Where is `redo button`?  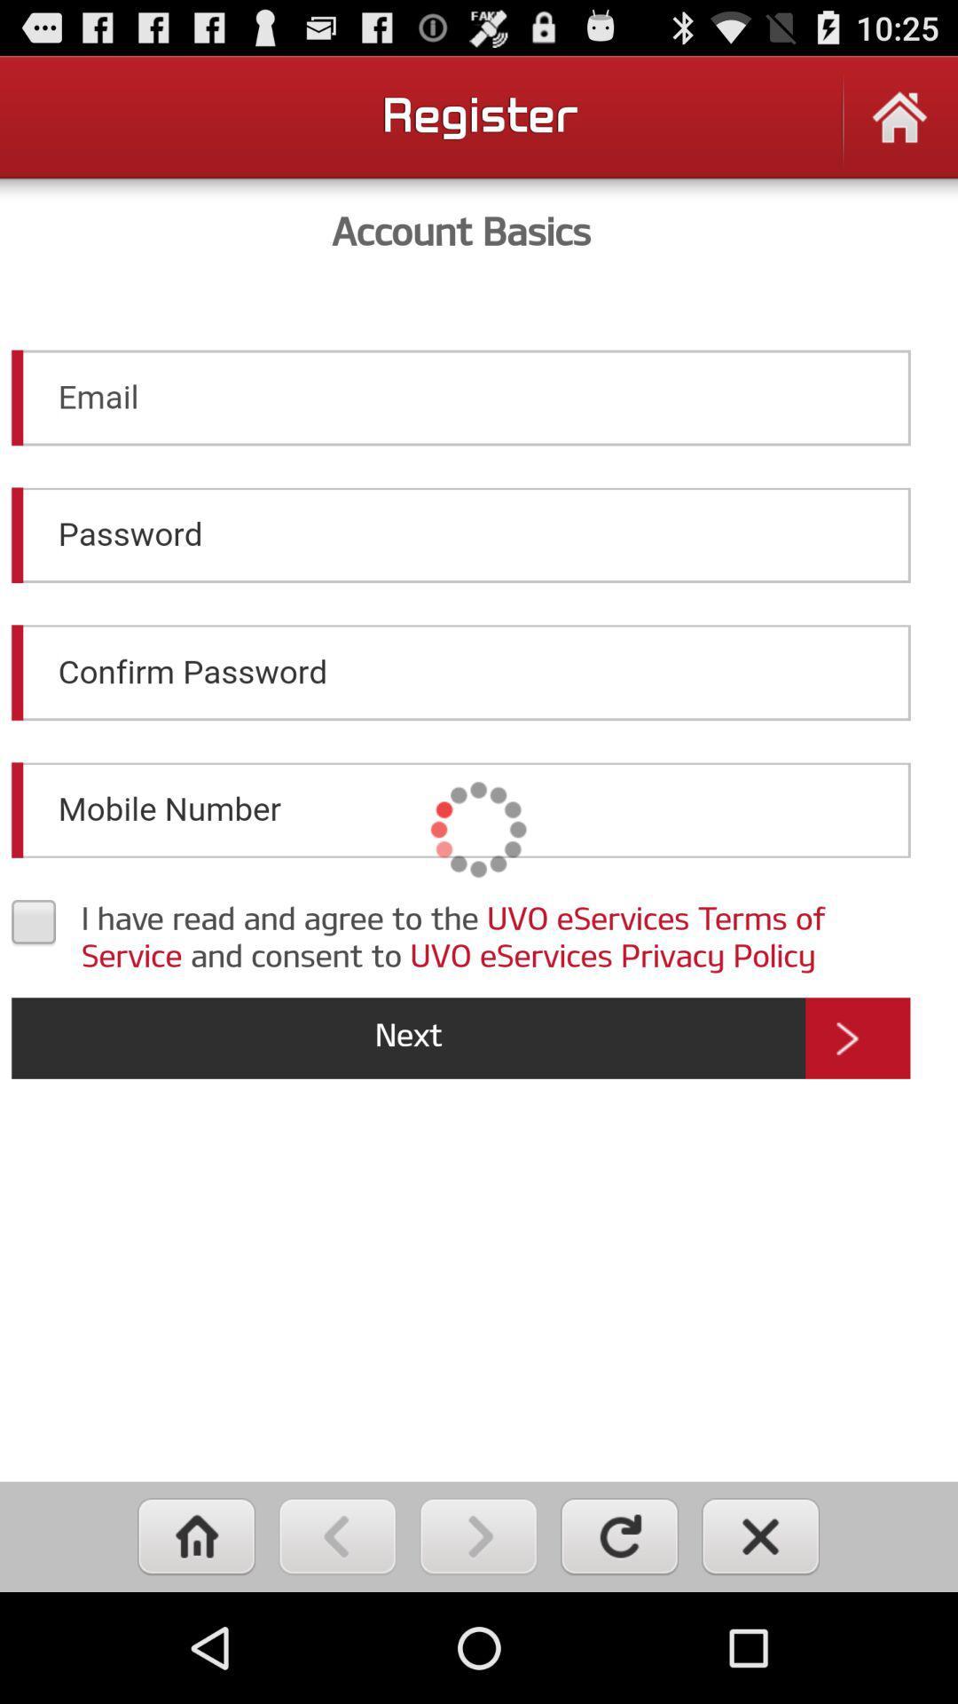 redo button is located at coordinates (618, 1535).